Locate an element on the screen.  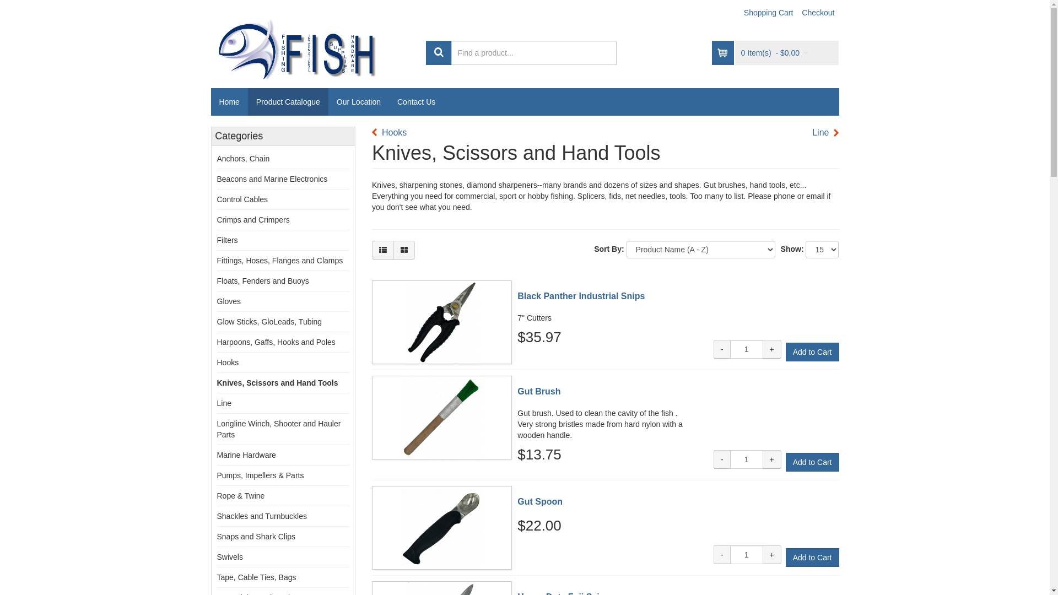
'Knives, Scissors and Hand Tools' is located at coordinates (278, 382).